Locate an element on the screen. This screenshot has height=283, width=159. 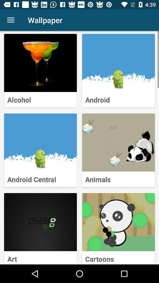
change wallpaper is located at coordinates (118, 63).